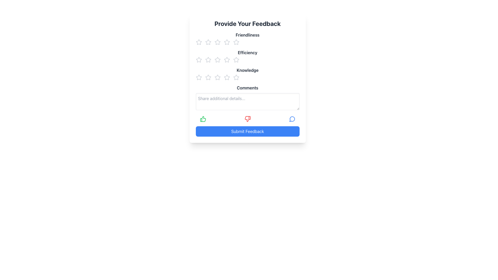  What do you see at coordinates (198, 78) in the screenshot?
I see `the first star icon in the third row of the feedback form for the 'Knowledge' category to rate` at bounding box center [198, 78].